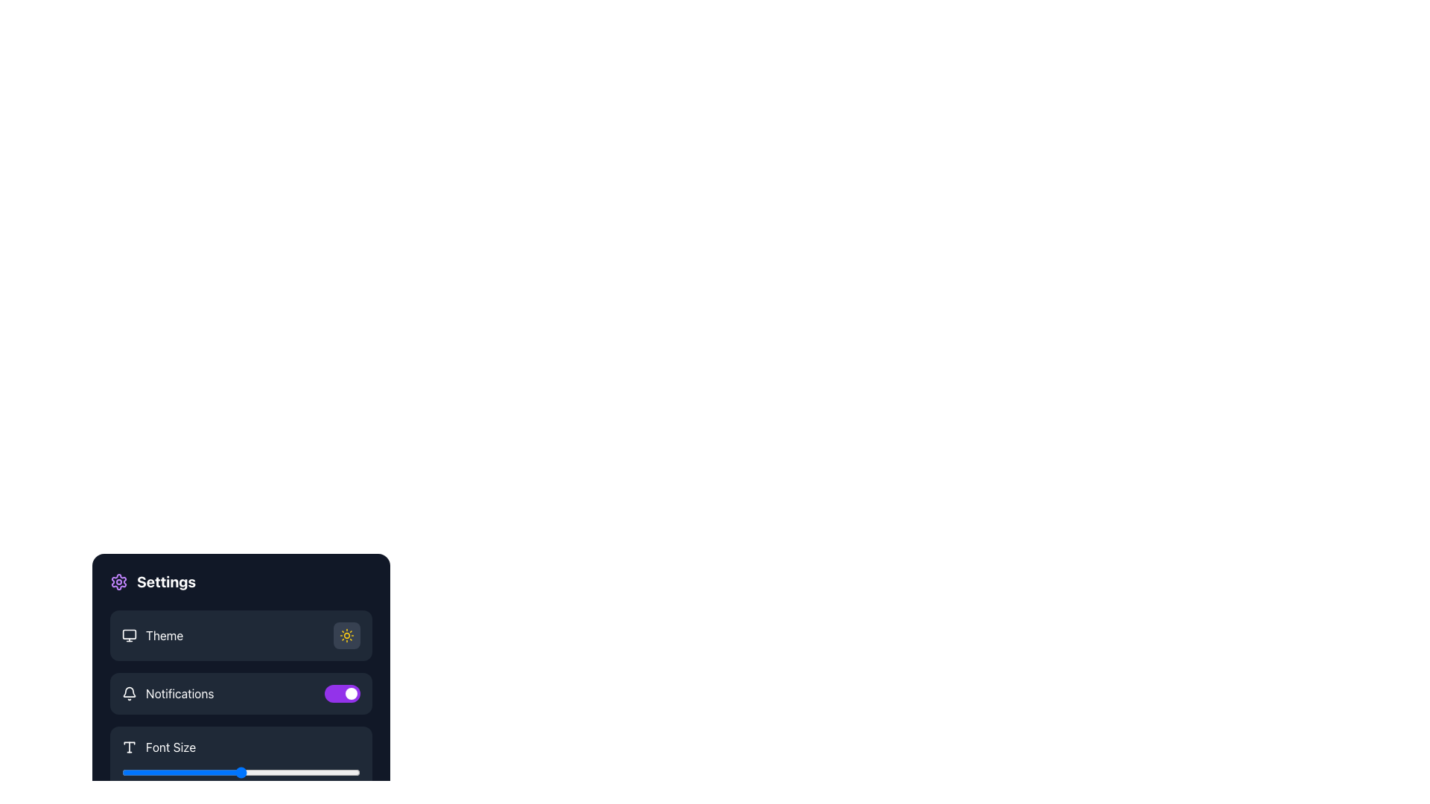 Image resolution: width=1430 pixels, height=804 pixels. I want to click on the font size, so click(277, 771).